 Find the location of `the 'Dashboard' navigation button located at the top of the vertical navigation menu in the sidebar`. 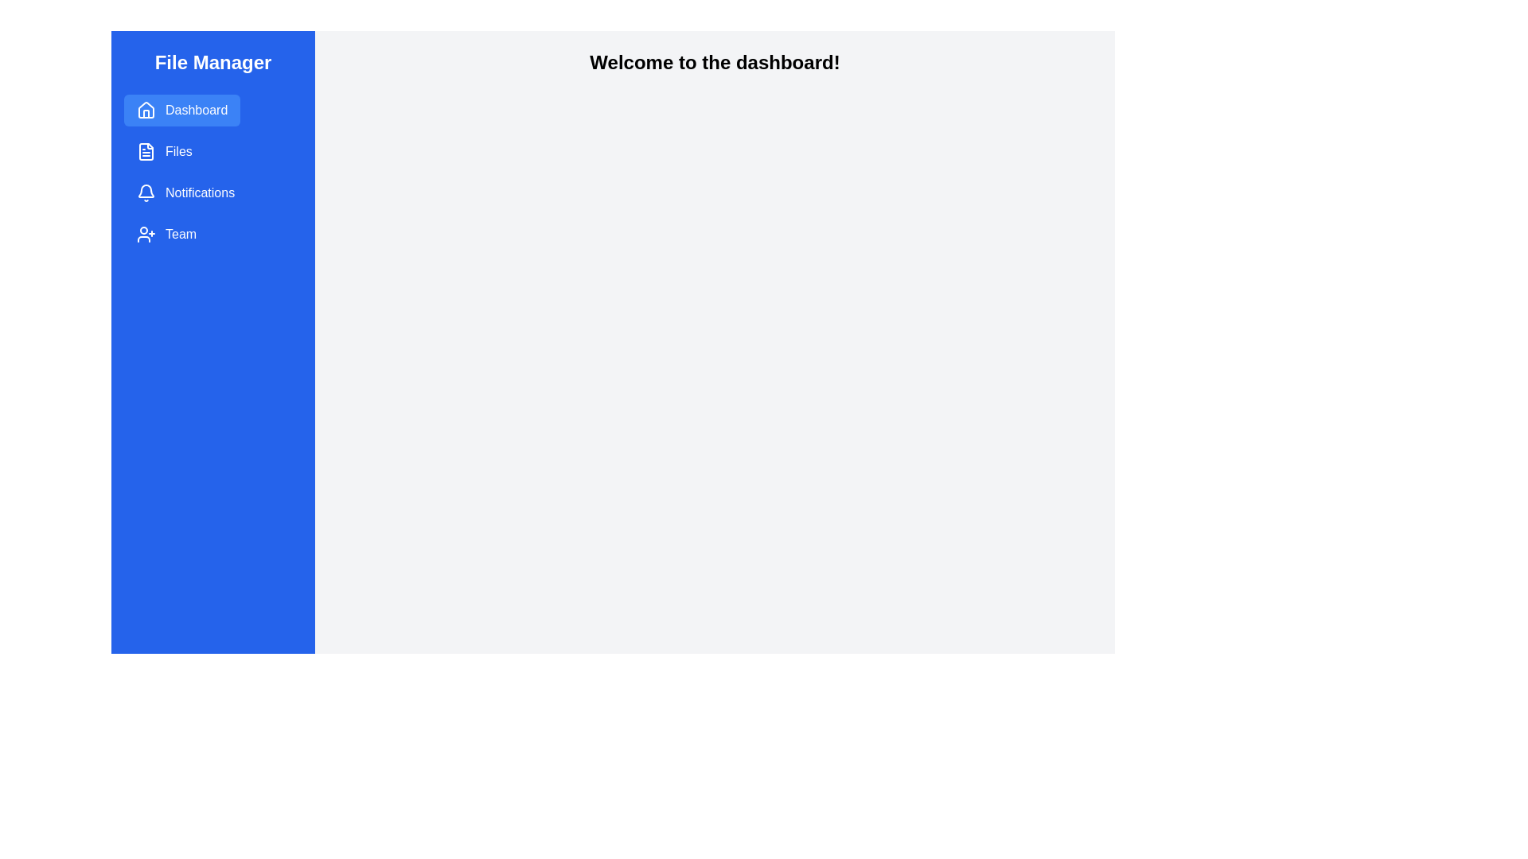

the 'Dashboard' navigation button located at the top of the vertical navigation menu in the sidebar is located at coordinates (182, 109).